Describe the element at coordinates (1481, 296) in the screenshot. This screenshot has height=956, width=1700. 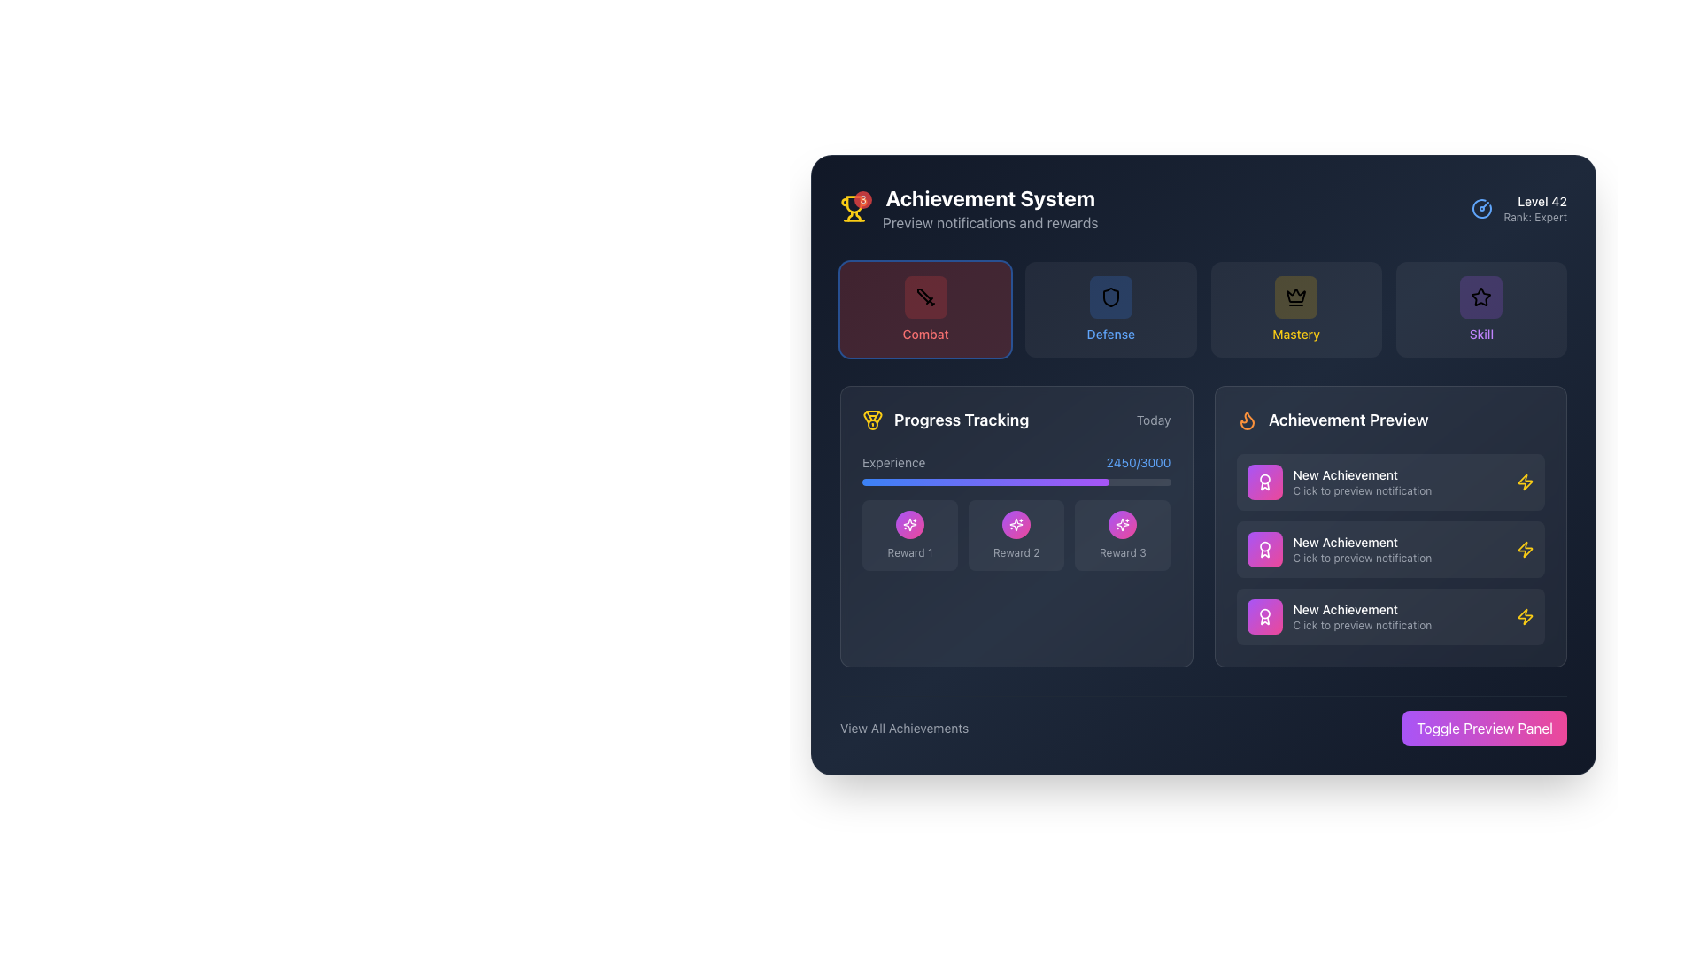
I see `the star-shaped icon with a purple hue located in the top-right quadrant of the interface, within the rounded rectangle labeled 'Skill'` at that location.